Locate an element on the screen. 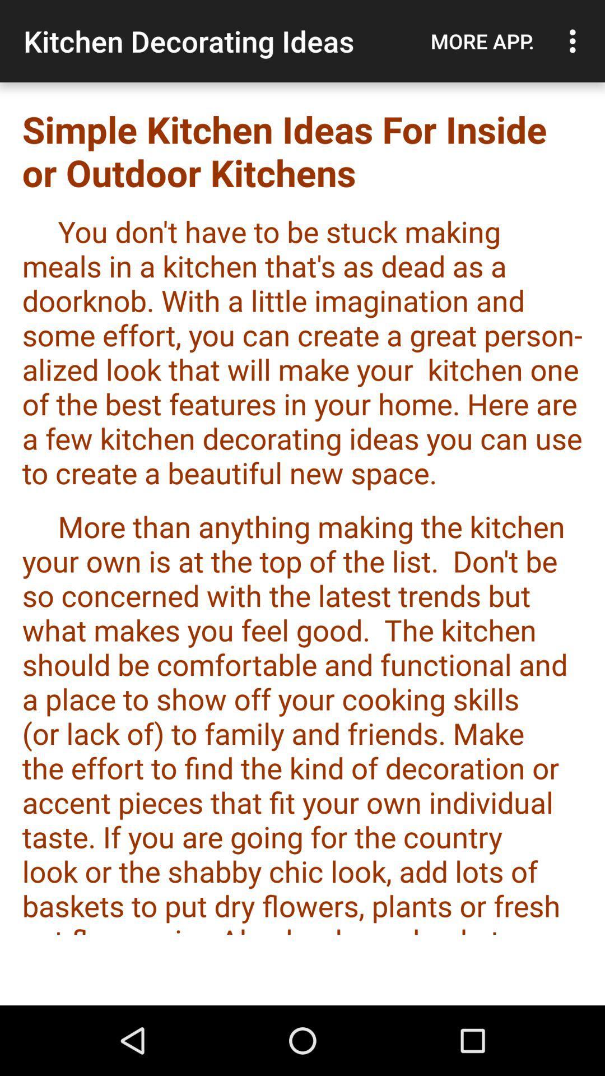 The image size is (605, 1076). the icon to the right of the kitchen decorating ideas item is located at coordinates (482, 41).